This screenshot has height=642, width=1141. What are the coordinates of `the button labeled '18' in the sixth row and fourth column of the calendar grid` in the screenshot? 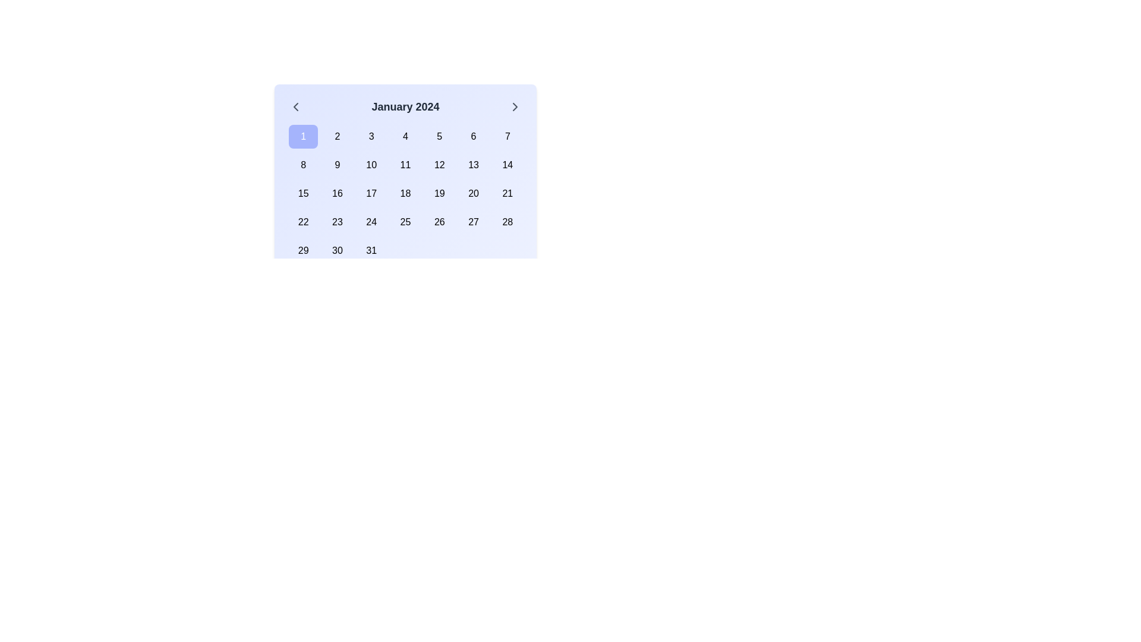 It's located at (405, 193).